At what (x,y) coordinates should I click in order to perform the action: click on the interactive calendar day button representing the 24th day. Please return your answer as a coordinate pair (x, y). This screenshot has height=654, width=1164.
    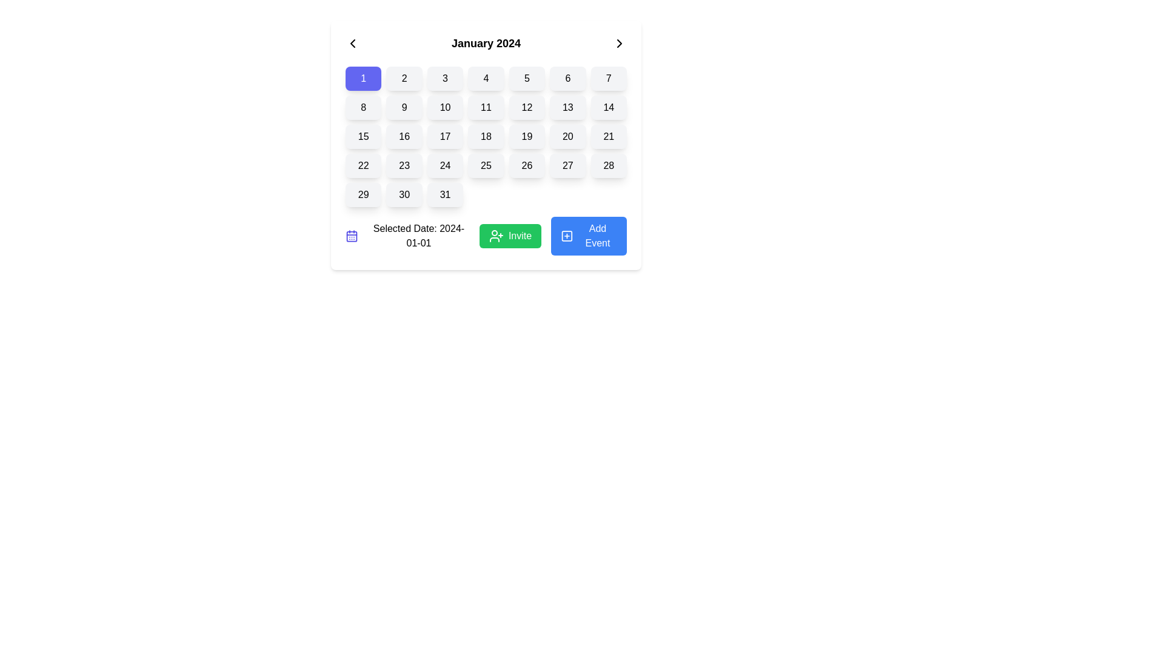
    Looking at the image, I should click on (444, 165).